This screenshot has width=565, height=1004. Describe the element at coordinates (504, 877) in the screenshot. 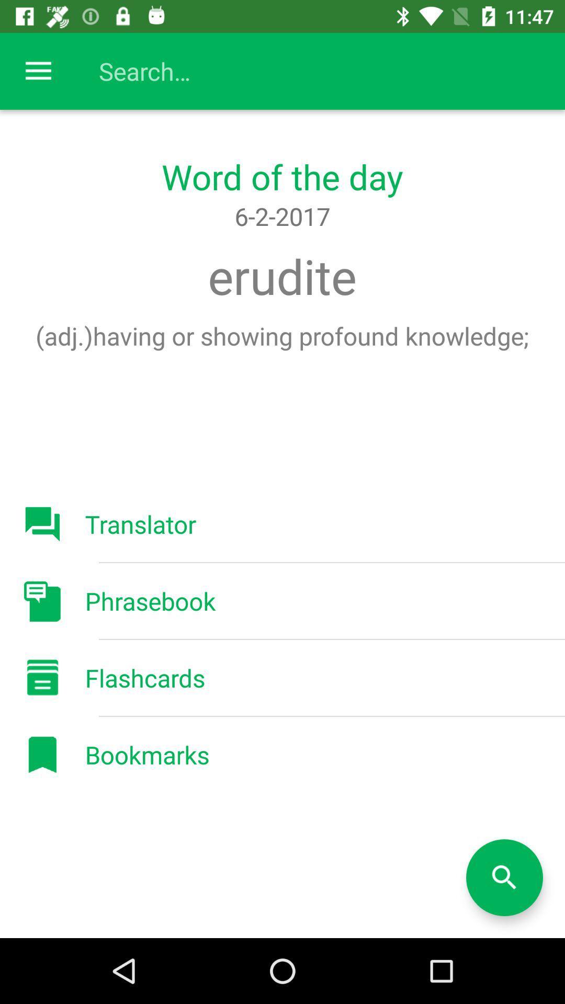

I see `the search icon` at that location.